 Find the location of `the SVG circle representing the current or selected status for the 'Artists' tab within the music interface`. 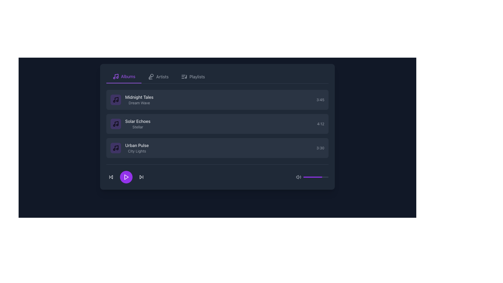

the SVG circle representing the current or selected status for the 'Artists' tab within the music interface is located at coordinates (152, 75).